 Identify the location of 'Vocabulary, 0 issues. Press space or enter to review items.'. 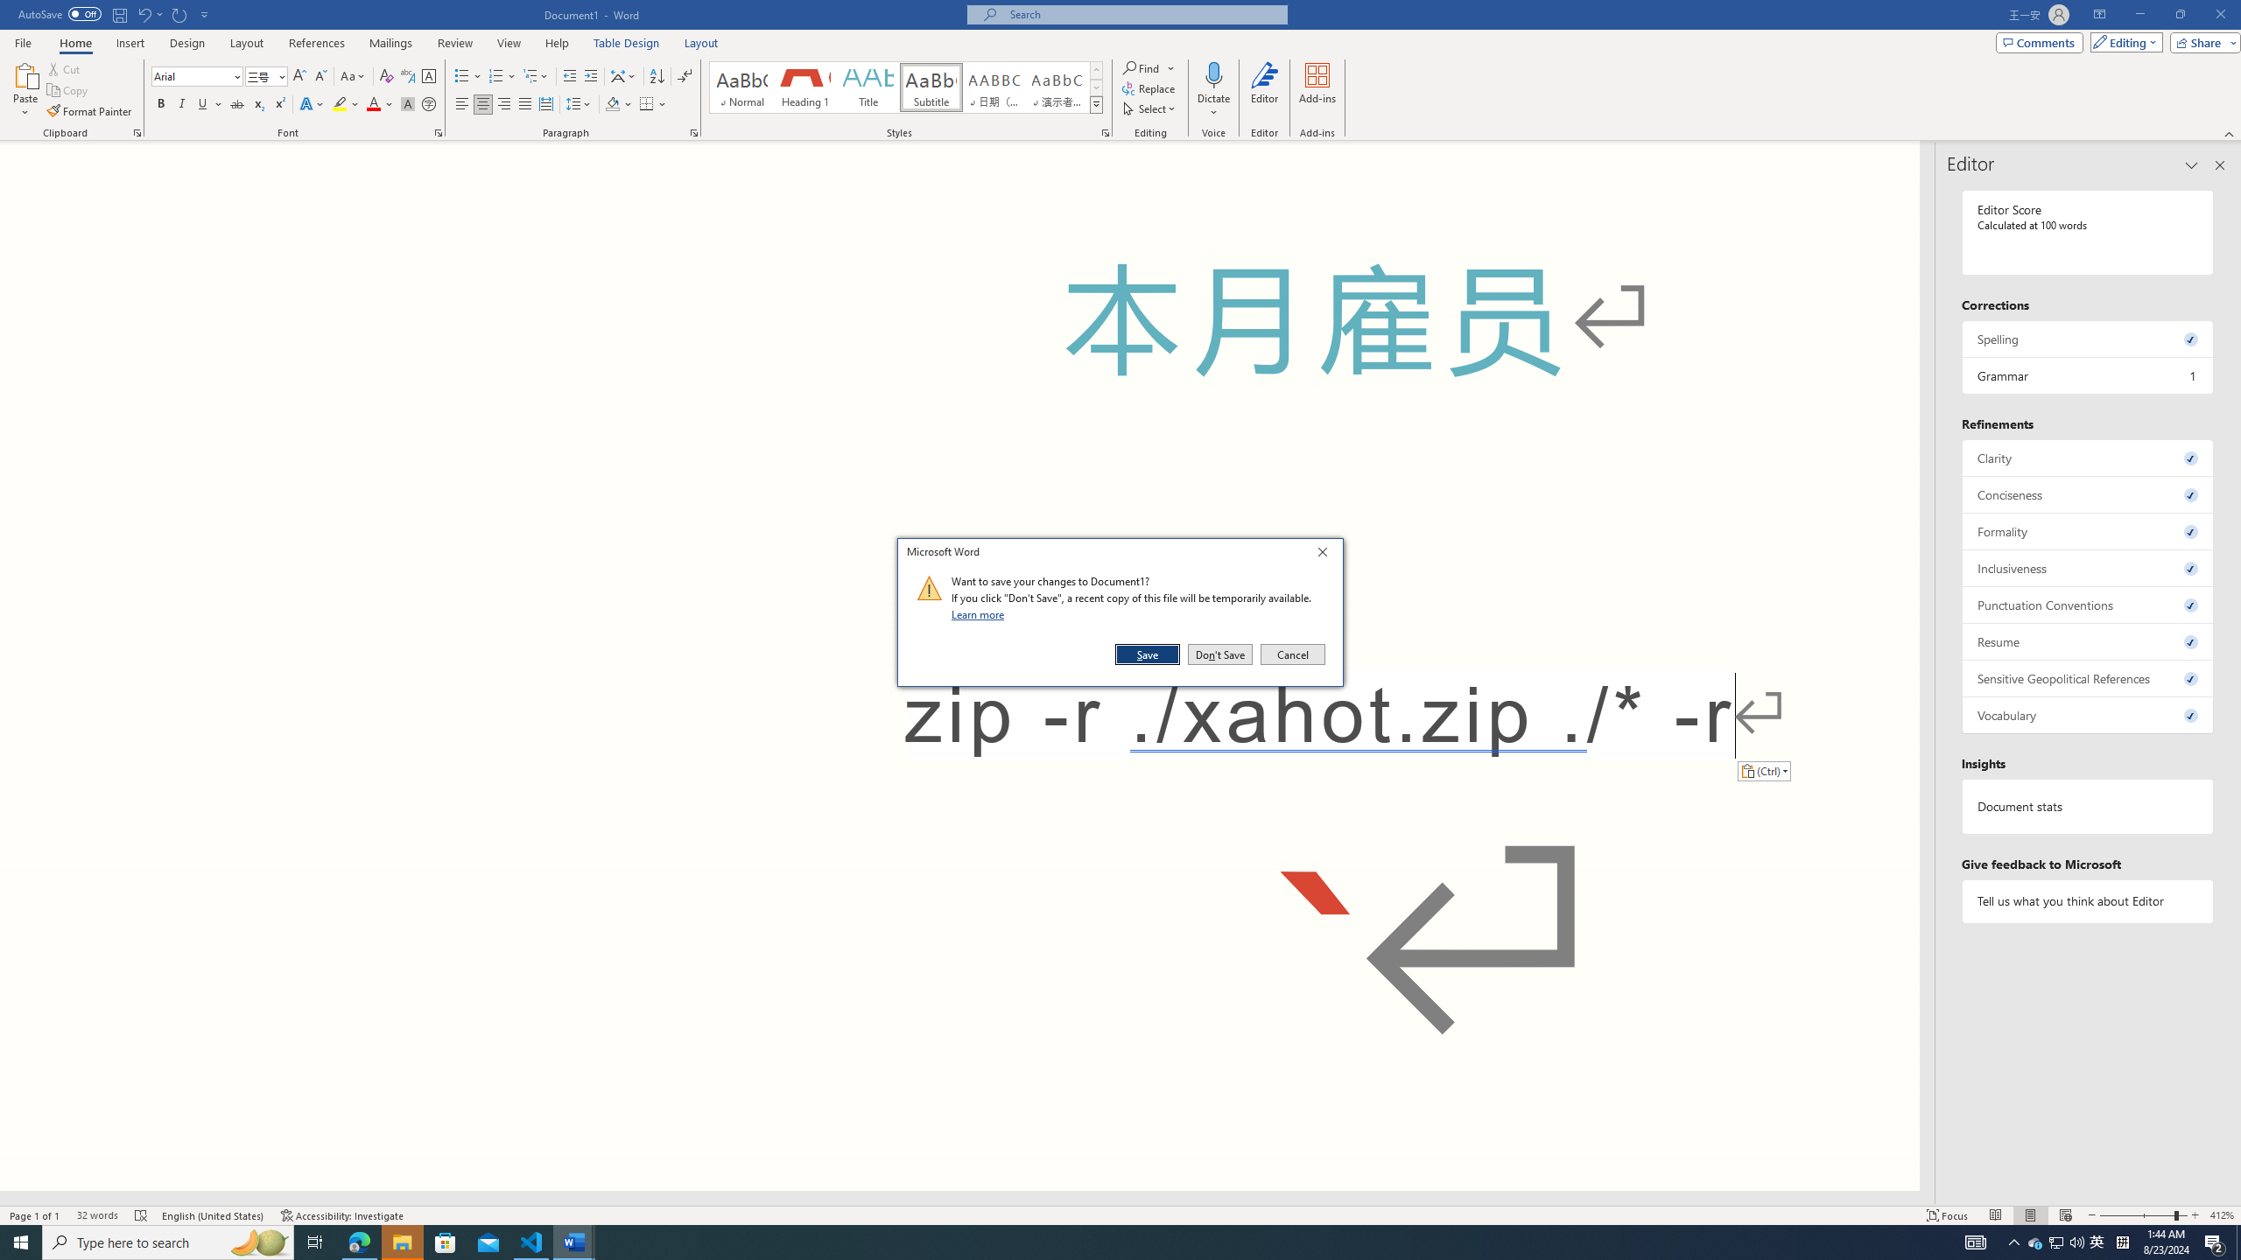
(2087, 714).